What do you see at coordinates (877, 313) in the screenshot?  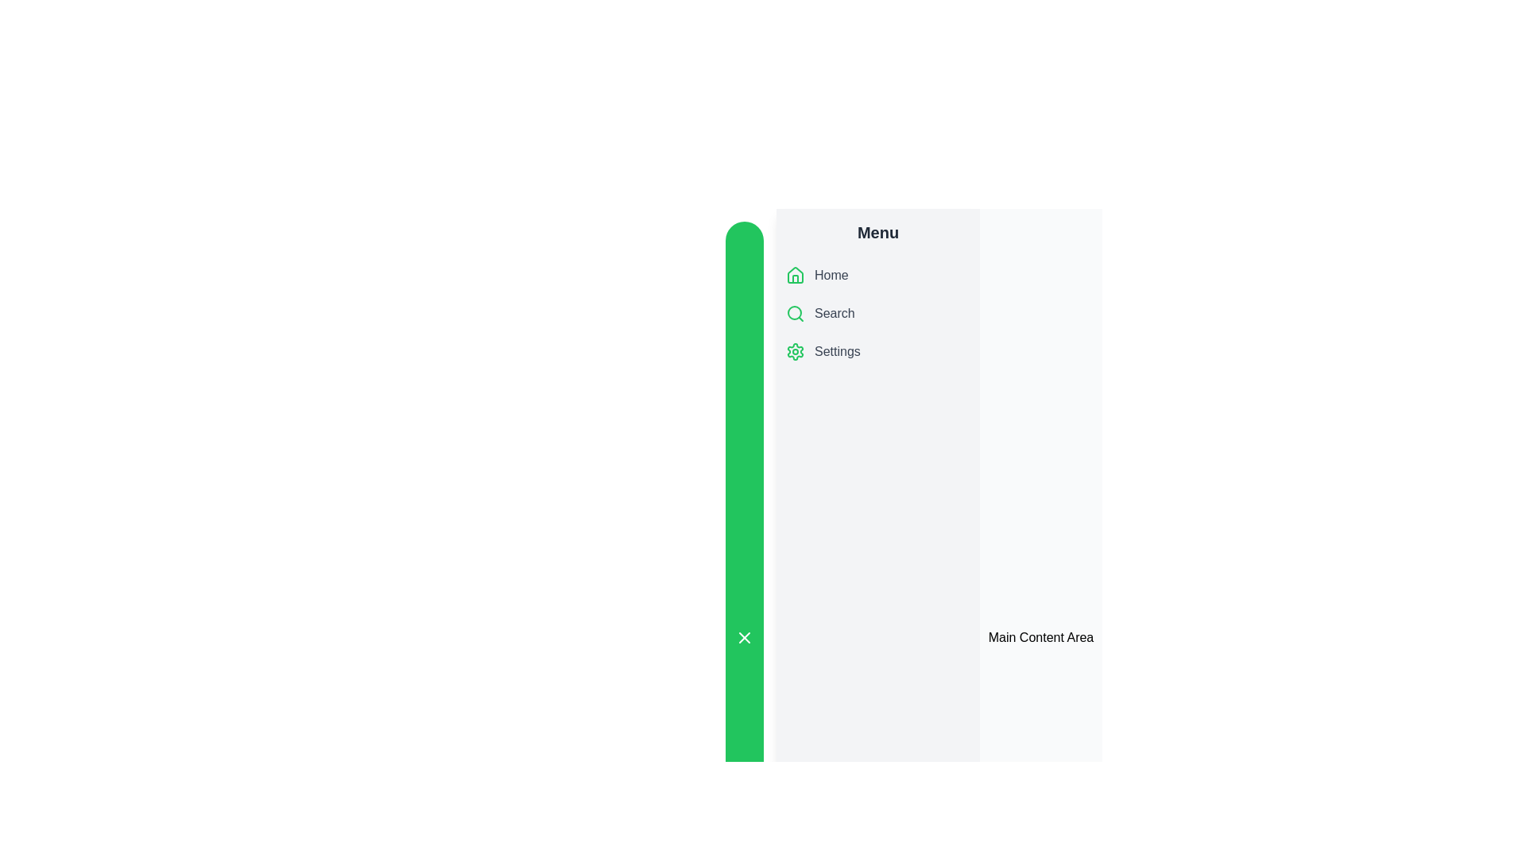 I see `the menu item Search to observe the hover effect` at bounding box center [877, 313].